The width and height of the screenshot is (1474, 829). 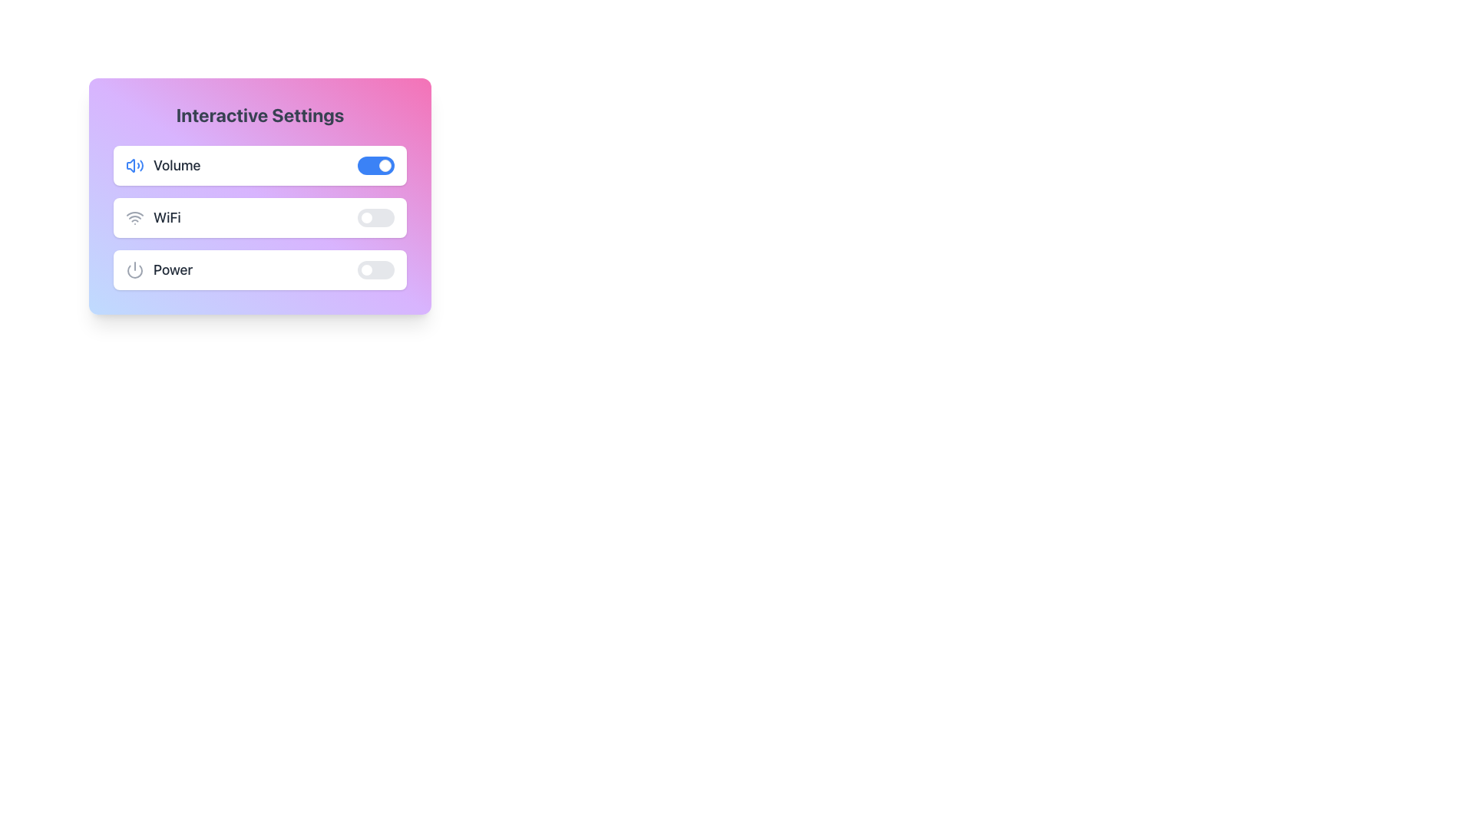 What do you see at coordinates (173, 269) in the screenshot?
I see `the 'Power' text label element, which is styled in a larger font size and bold dark gray color, located in the middle of a rectangular section adjacent to a power icon and a toggle switch` at bounding box center [173, 269].